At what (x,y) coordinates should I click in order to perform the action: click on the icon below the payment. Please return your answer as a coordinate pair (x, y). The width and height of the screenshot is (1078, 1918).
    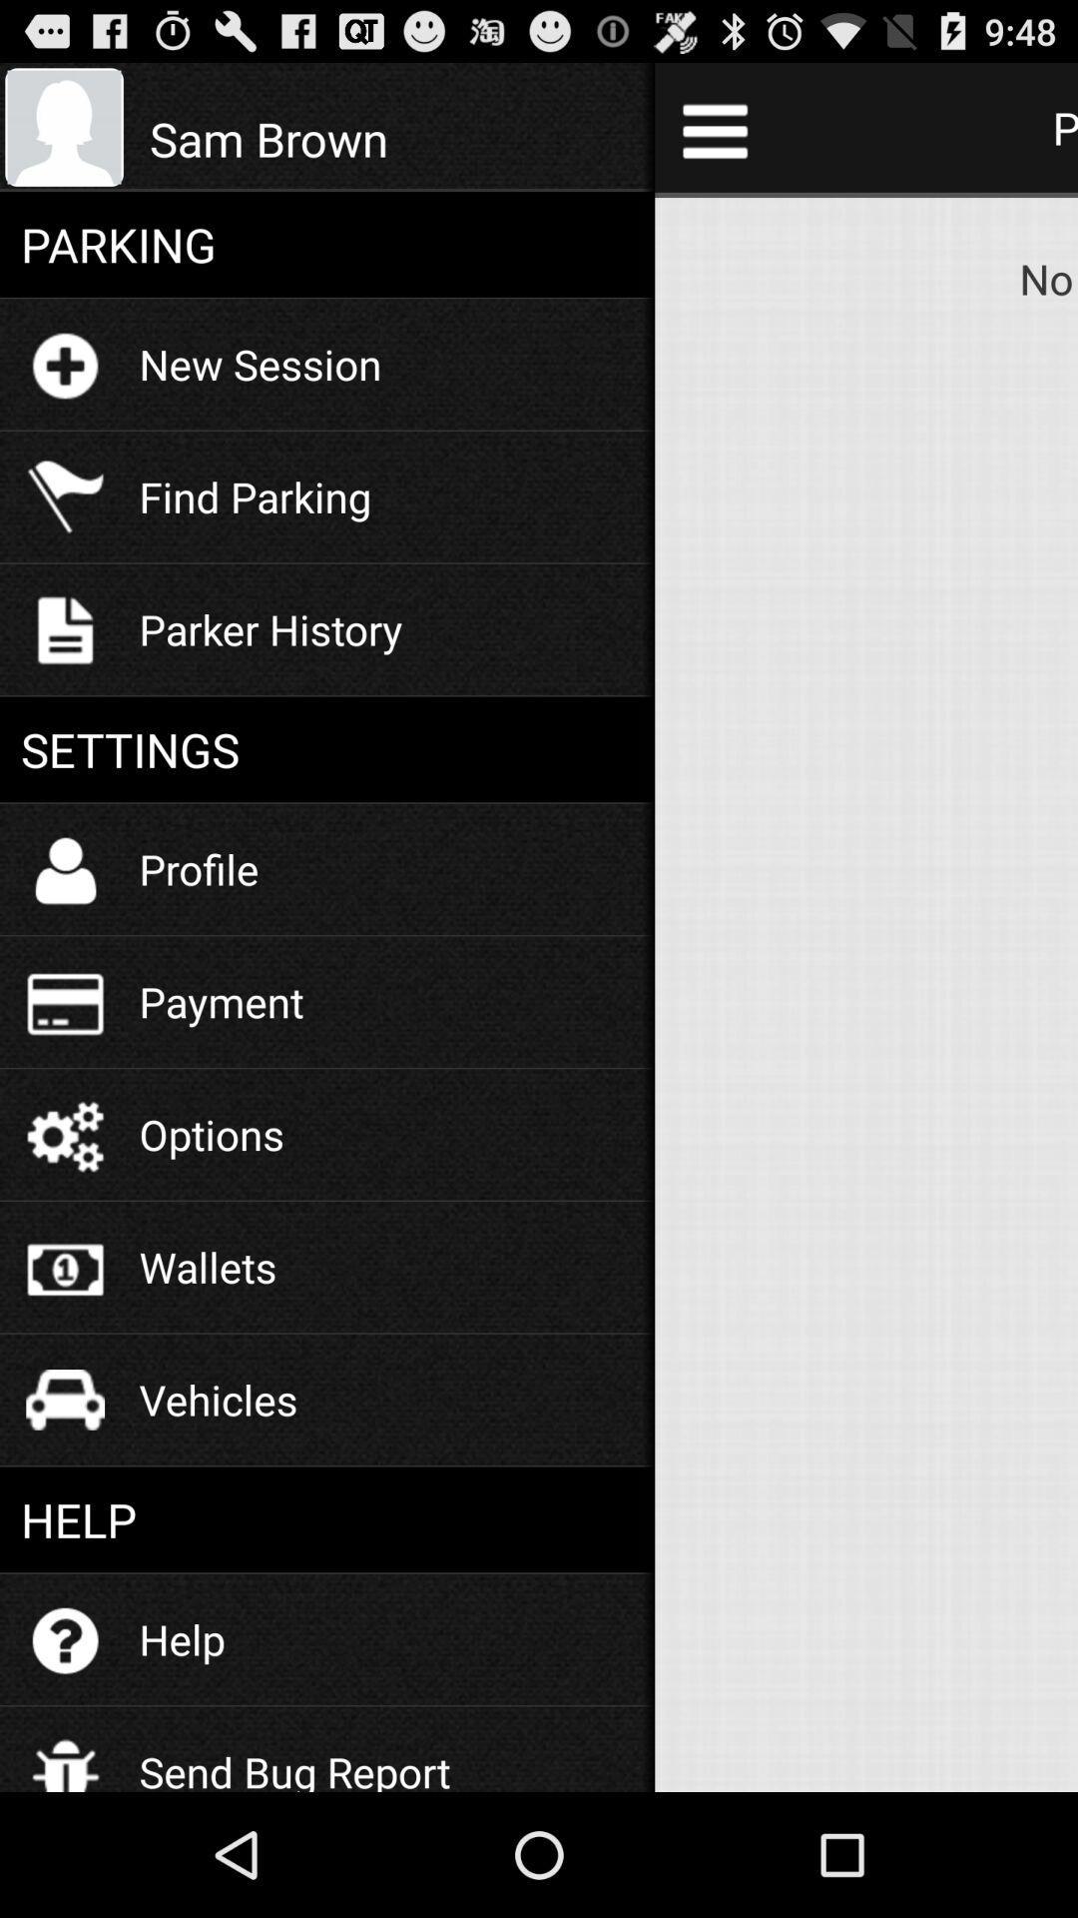
    Looking at the image, I should click on (212, 1134).